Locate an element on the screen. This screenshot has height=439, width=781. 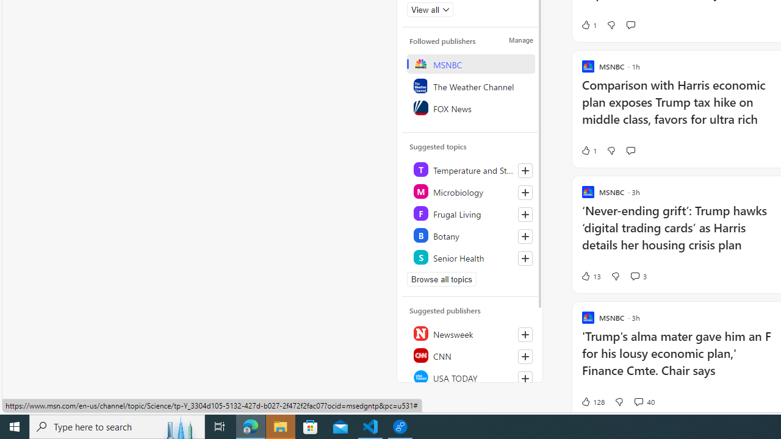
'View comments 3 Comment' is located at coordinates (637, 276).